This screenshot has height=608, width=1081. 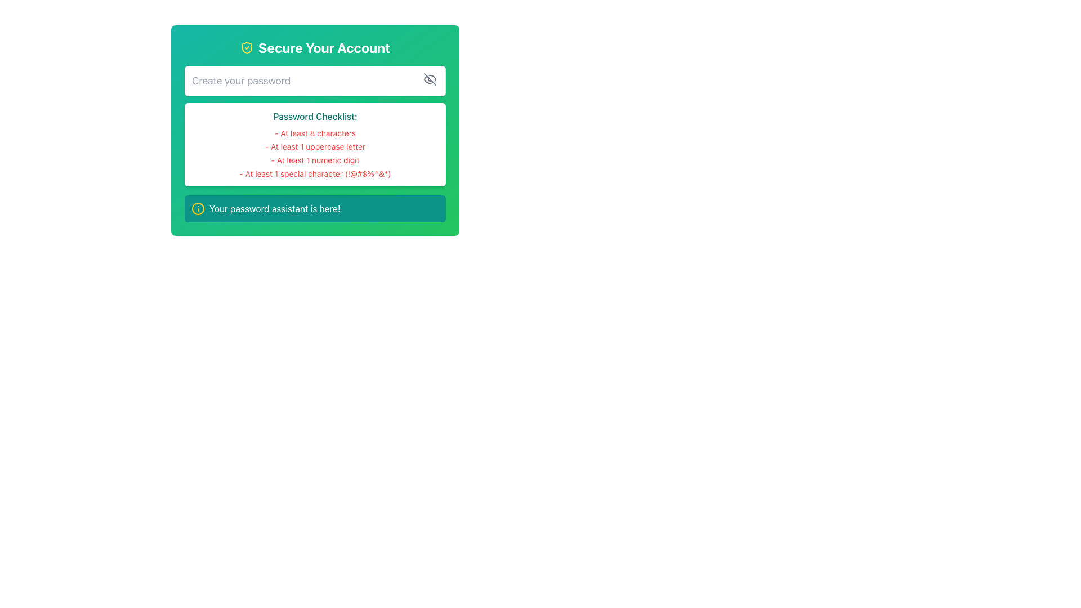 What do you see at coordinates (198, 208) in the screenshot?
I see `the circular icon with a yellow border and central information icon, located at the left side of the text 'Your password assistant is here!' in the teal band at the bottom of the password module` at bounding box center [198, 208].